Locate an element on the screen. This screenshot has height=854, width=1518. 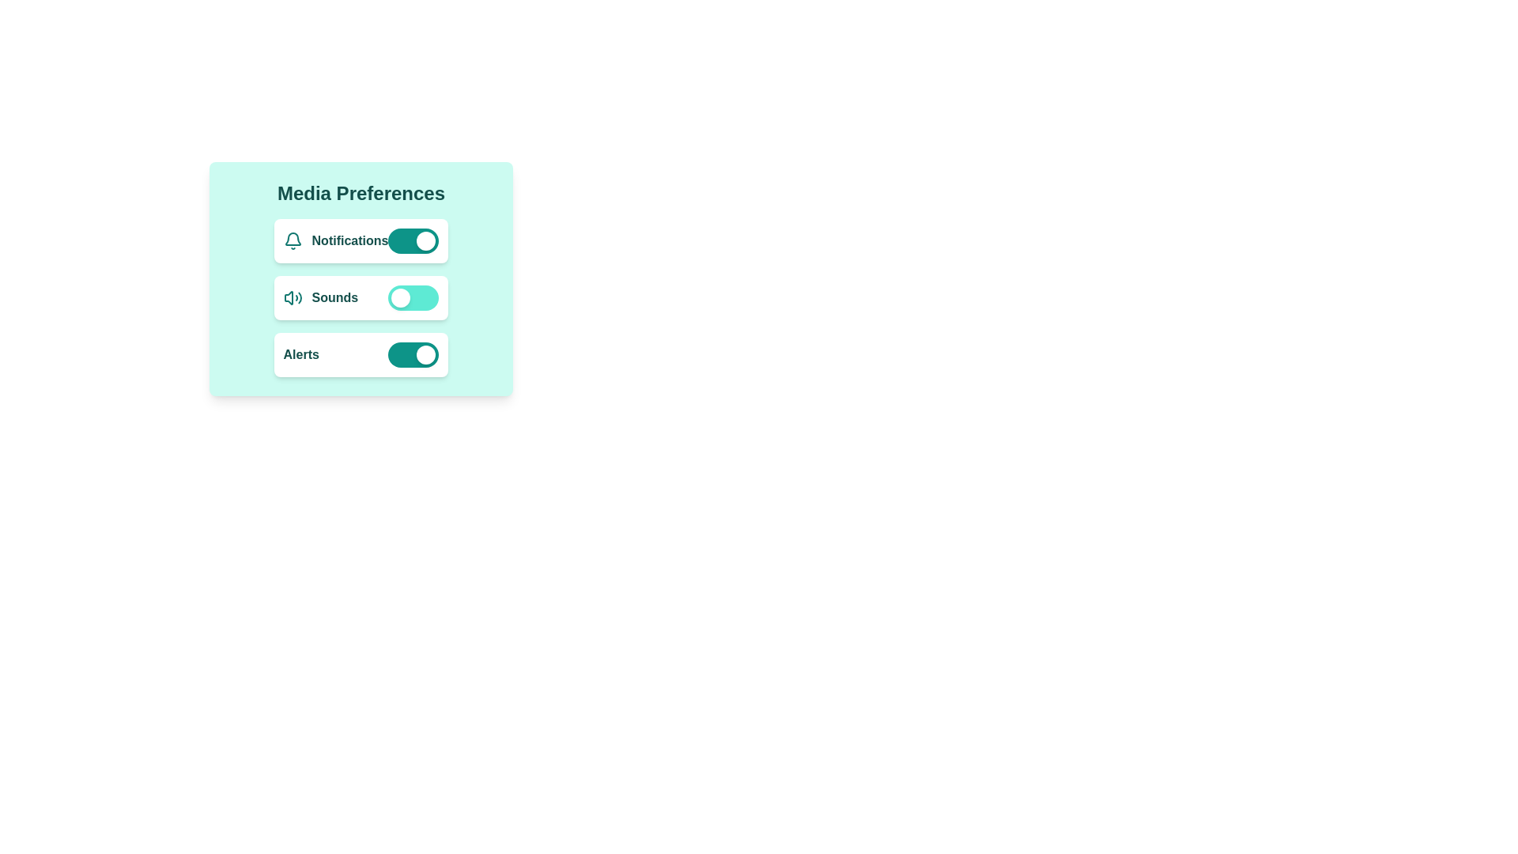
the circular toggle knob for the 'Notifications' setting, located at the rightmost end of the toggle component is located at coordinates (426, 240).